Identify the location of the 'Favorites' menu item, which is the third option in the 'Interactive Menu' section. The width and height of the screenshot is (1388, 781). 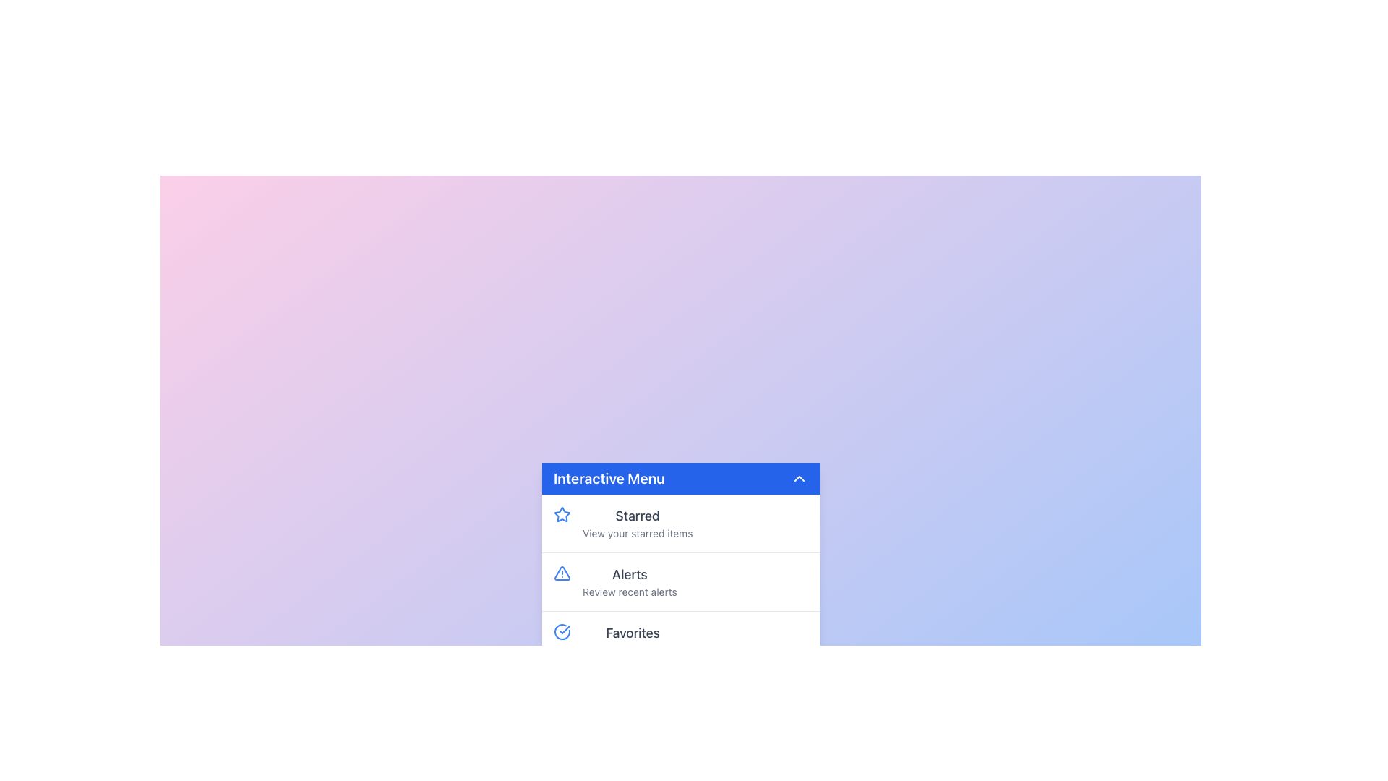
(633, 640).